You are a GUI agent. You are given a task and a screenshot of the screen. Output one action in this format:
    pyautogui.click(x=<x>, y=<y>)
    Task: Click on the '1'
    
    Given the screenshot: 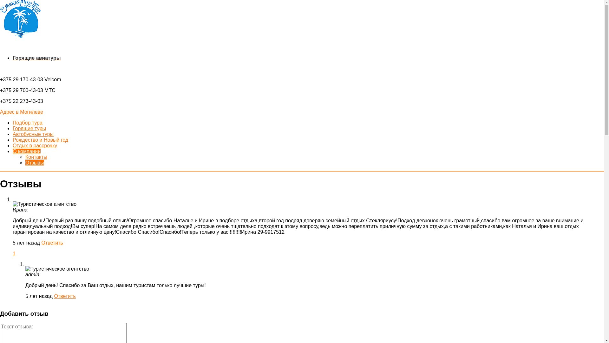 What is the action you would take?
    pyautogui.click(x=14, y=253)
    